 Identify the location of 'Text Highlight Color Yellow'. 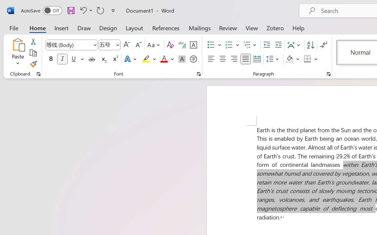
(146, 59).